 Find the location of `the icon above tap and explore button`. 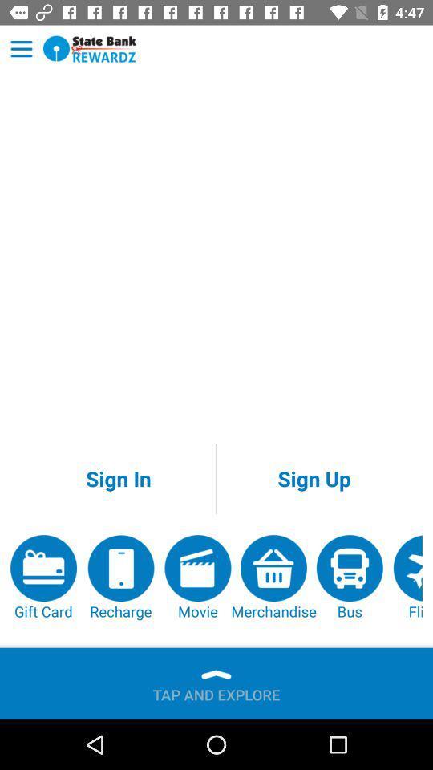

the icon above tap and explore button is located at coordinates (197, 577).